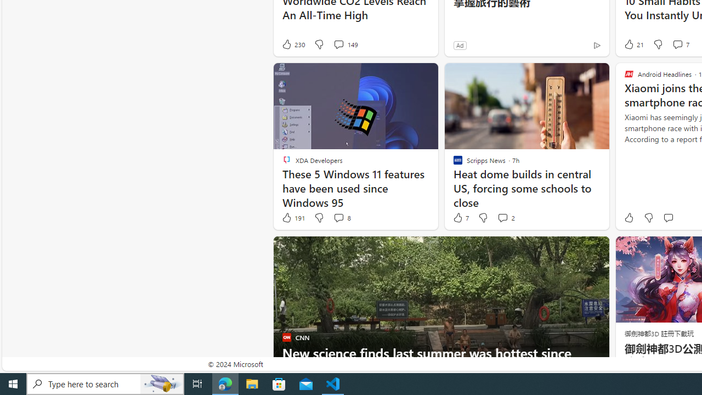 This screenshot has height=395, width=702. I want to click on 'View comments 7 Comment', so click(677, 44).